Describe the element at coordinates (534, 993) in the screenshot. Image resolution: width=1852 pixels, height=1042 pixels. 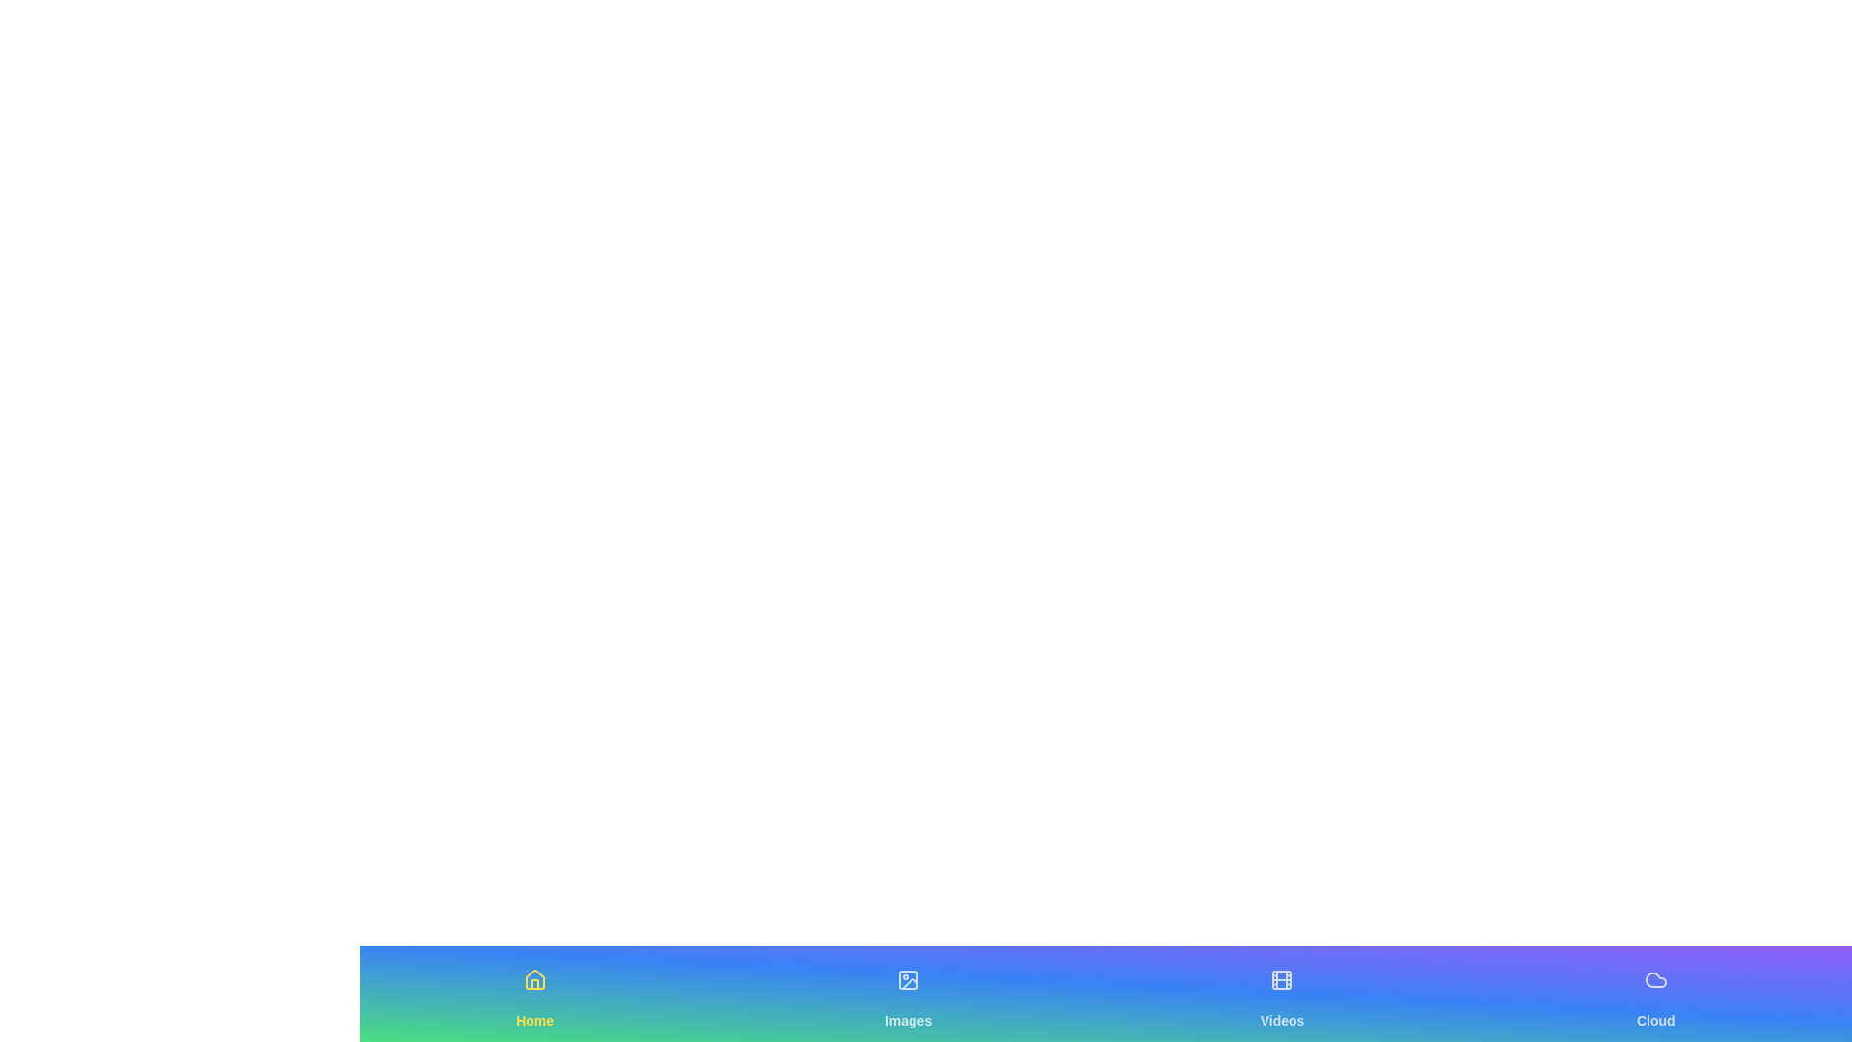
I see `the Home navigation tab to switch views` at that location.